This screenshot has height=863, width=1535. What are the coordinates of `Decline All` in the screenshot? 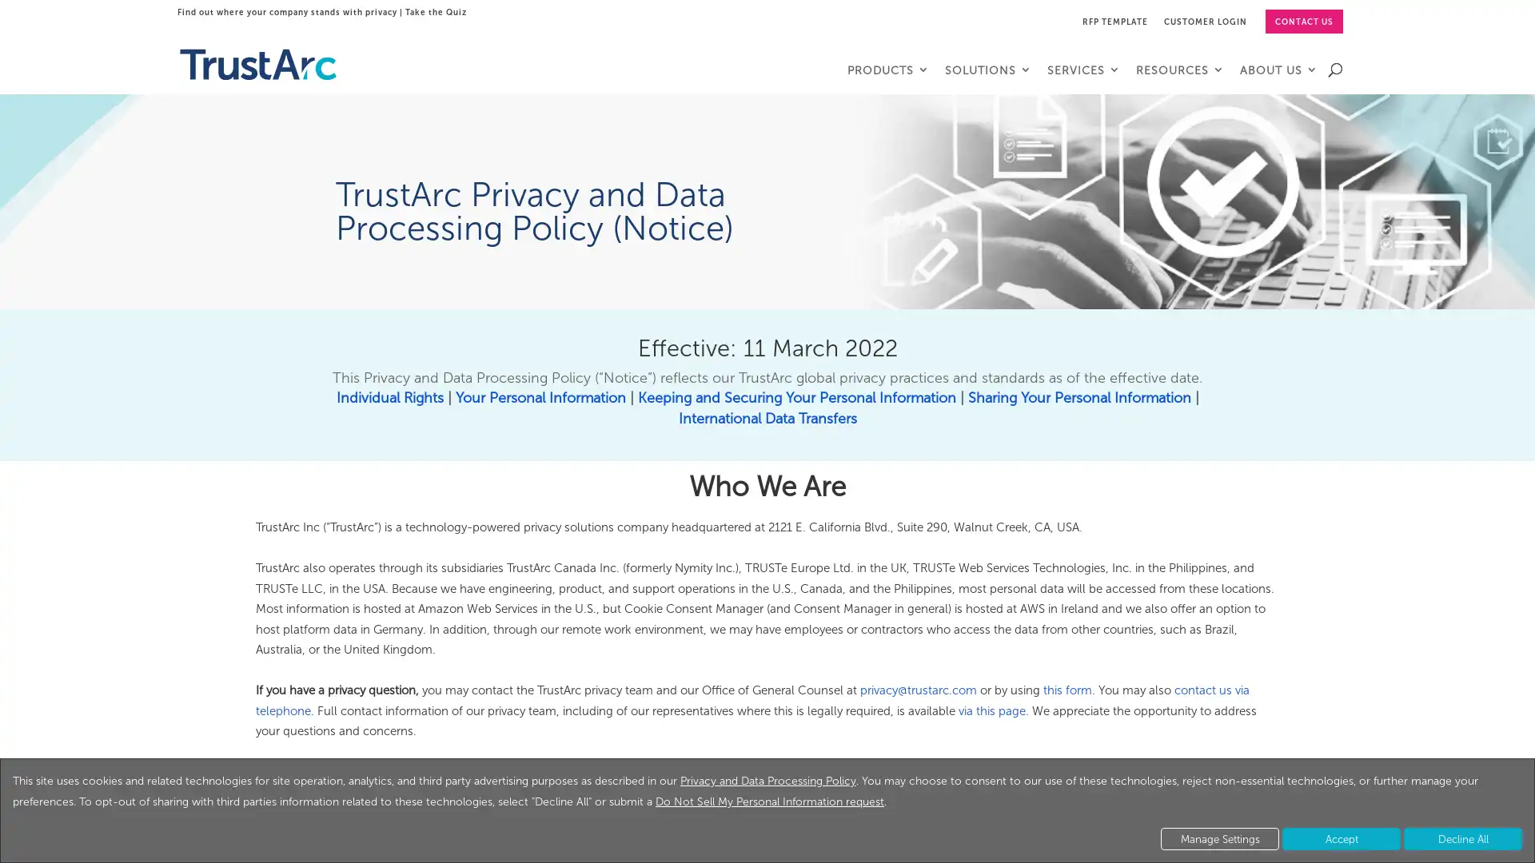 It's located at (1462, 837).